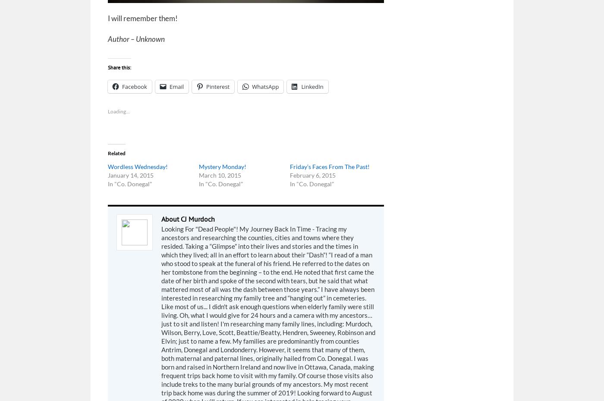 Image resolution: width=604 pixels, height=401 pixels. I want to click on 'Email', so click(176, 86).